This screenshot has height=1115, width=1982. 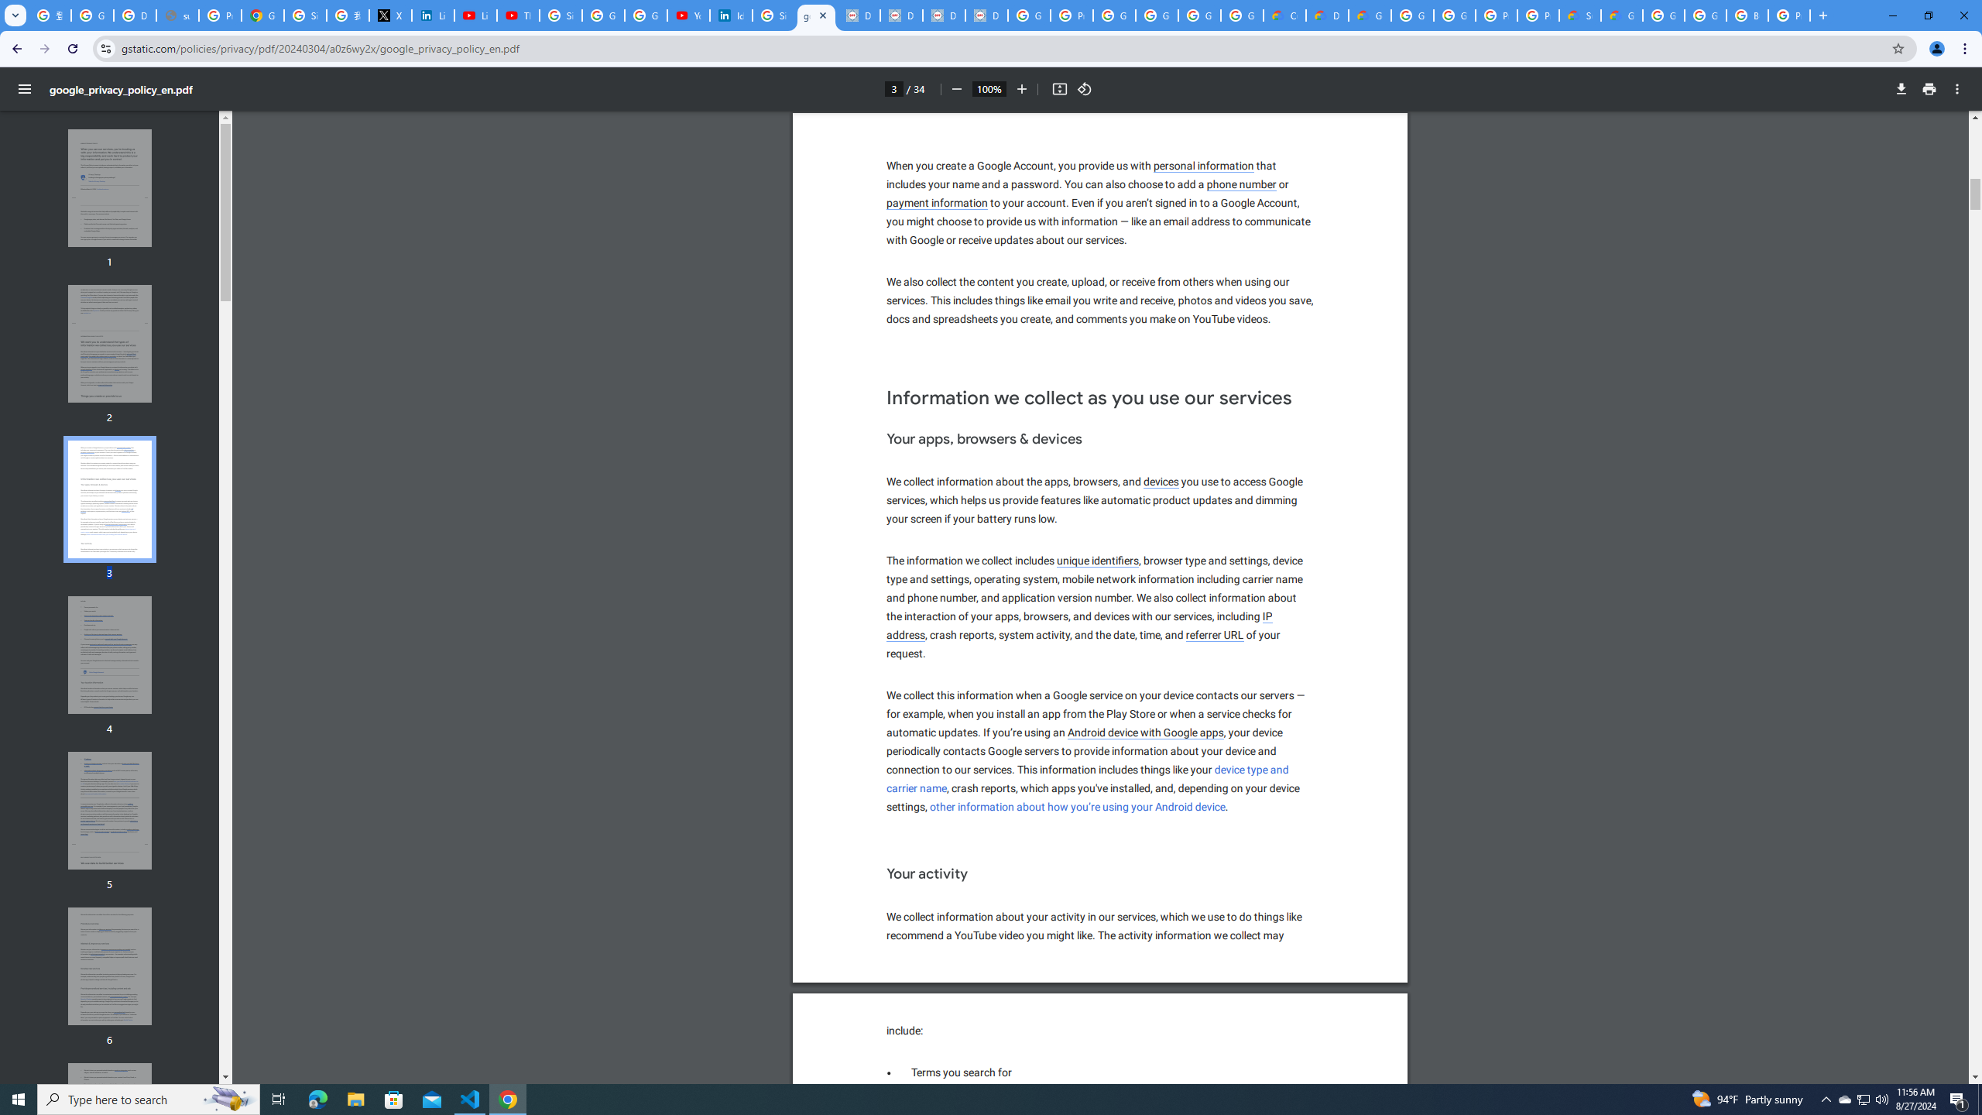 What do you see at coordinates (1240, 15) in the screenshot?
I see `'Google Workspace - Specific Terms'` at bounding box center [1240, 15].